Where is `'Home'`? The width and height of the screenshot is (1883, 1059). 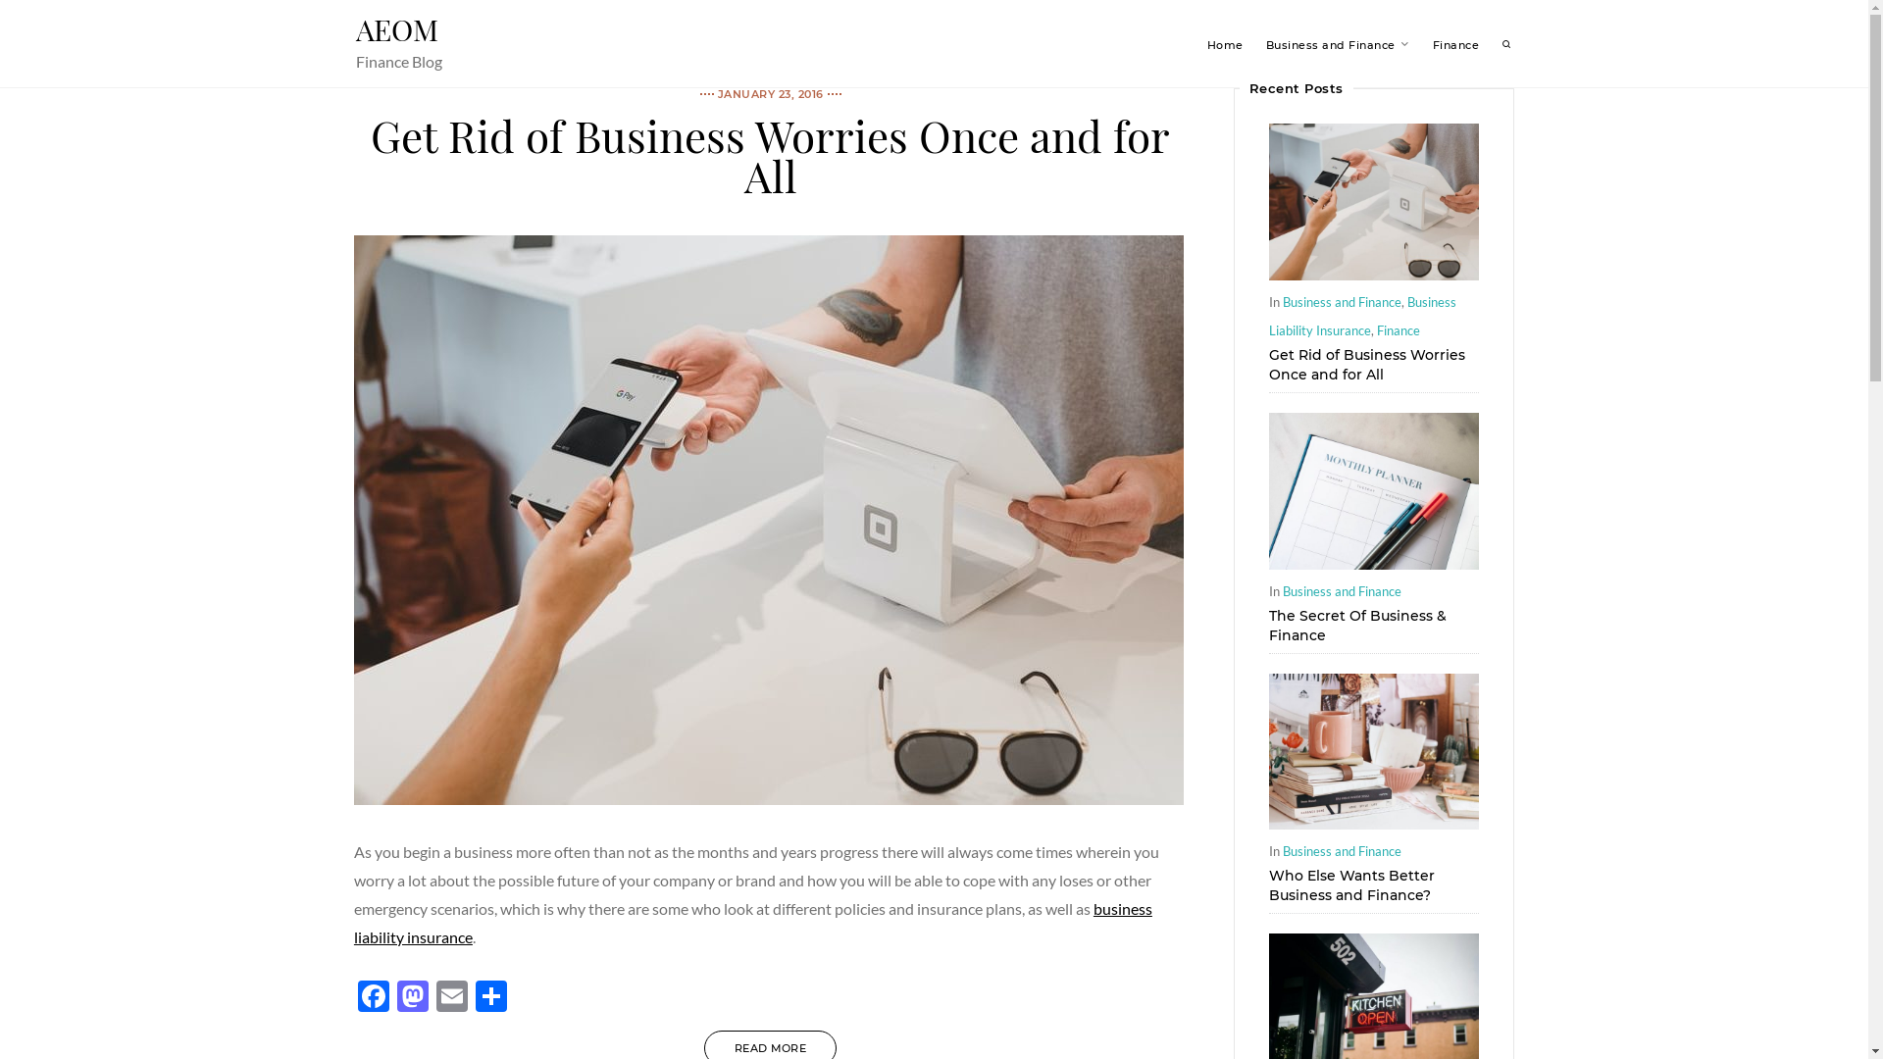
'Home' is located at coordinates (1223, 44).